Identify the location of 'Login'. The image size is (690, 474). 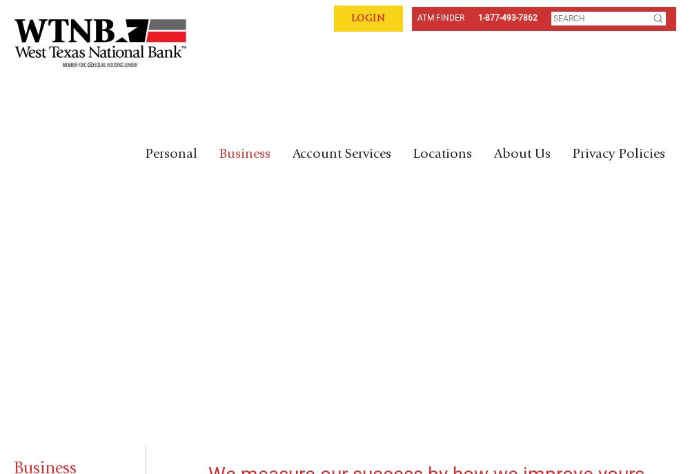
(368, 18).